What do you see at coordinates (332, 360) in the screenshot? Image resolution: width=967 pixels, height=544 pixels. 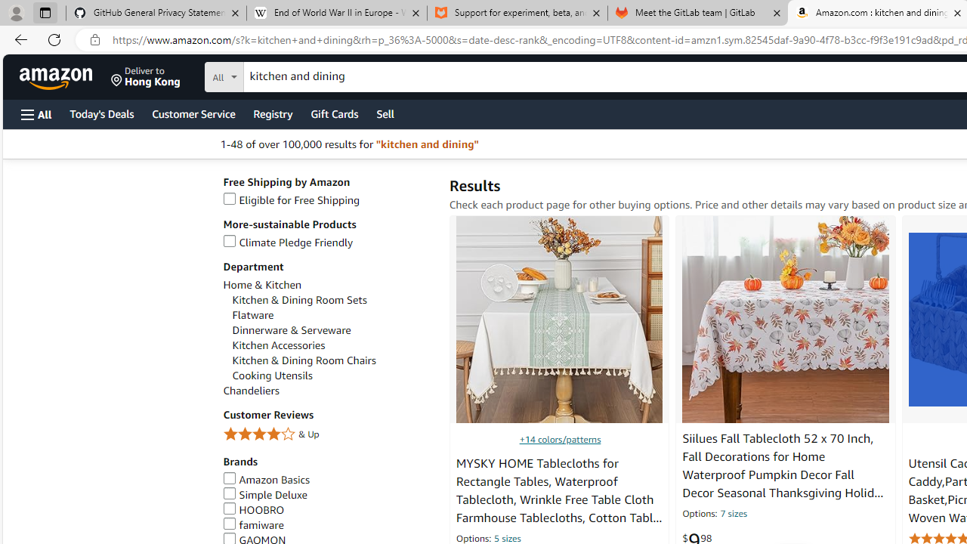 I see `'Kitchen & Dining Room Chairs'` at bounding box center [332, 360].